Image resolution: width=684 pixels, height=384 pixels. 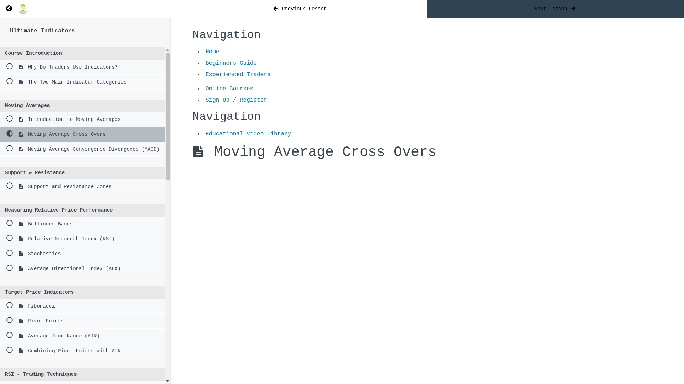 What do you see at coordinates (238, 74) in the screenshot?
I see `'Experienced Traders'` at bounding box center [238, 74].